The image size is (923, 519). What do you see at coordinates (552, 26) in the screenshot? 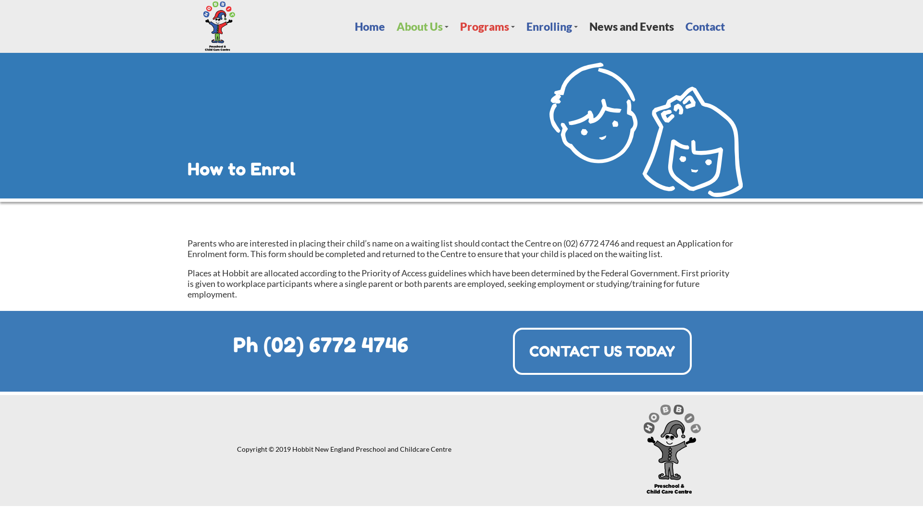
I see `'+` at bounding box center [552, 26].